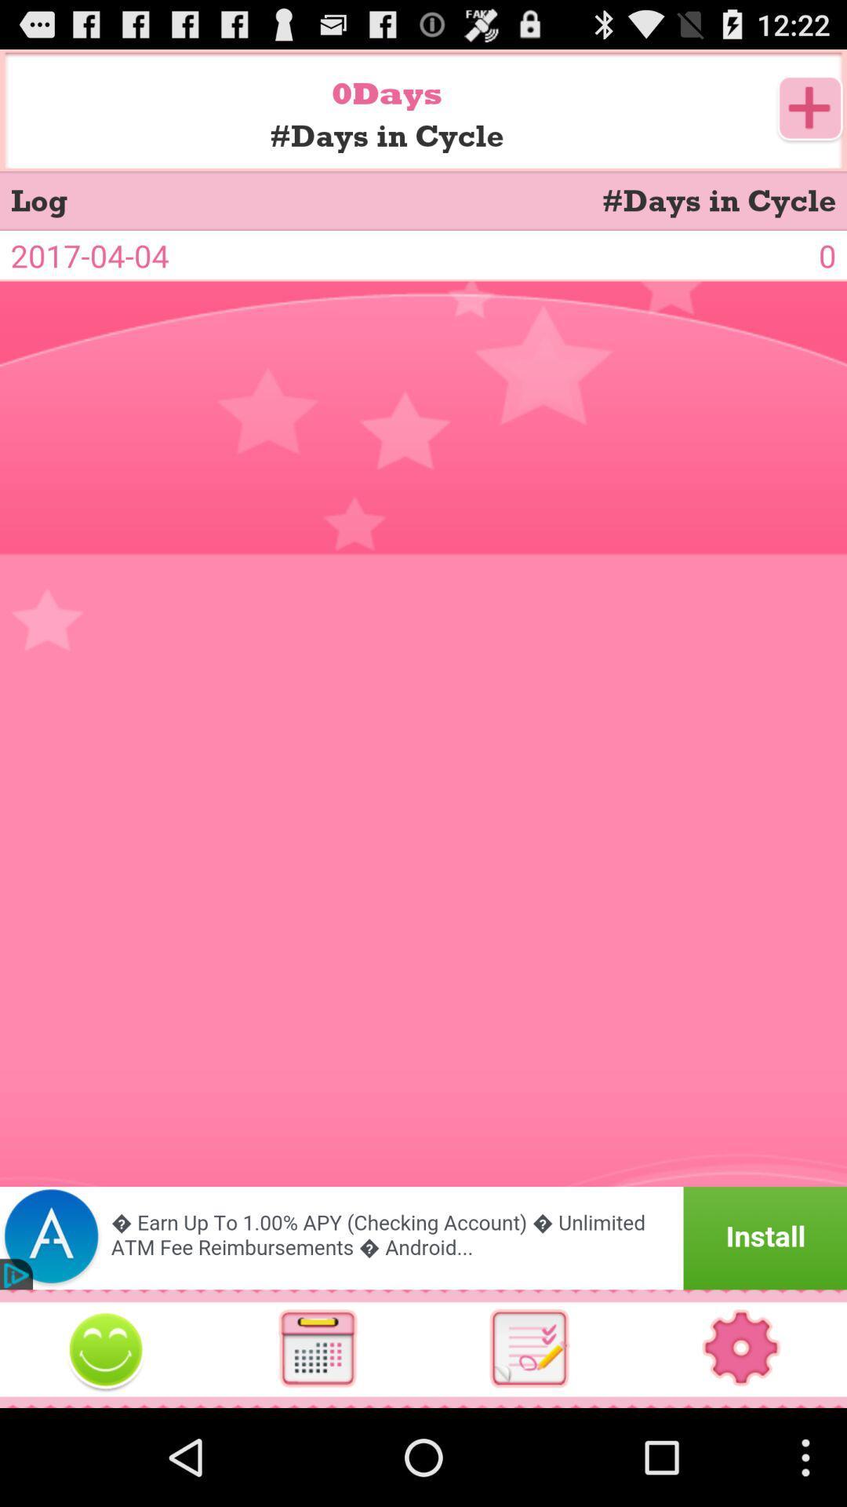 This screenshot has height=1507, width=847. Describe the element at coordinates (741, 1348) in the screenshot. I see `settings app` at that location.